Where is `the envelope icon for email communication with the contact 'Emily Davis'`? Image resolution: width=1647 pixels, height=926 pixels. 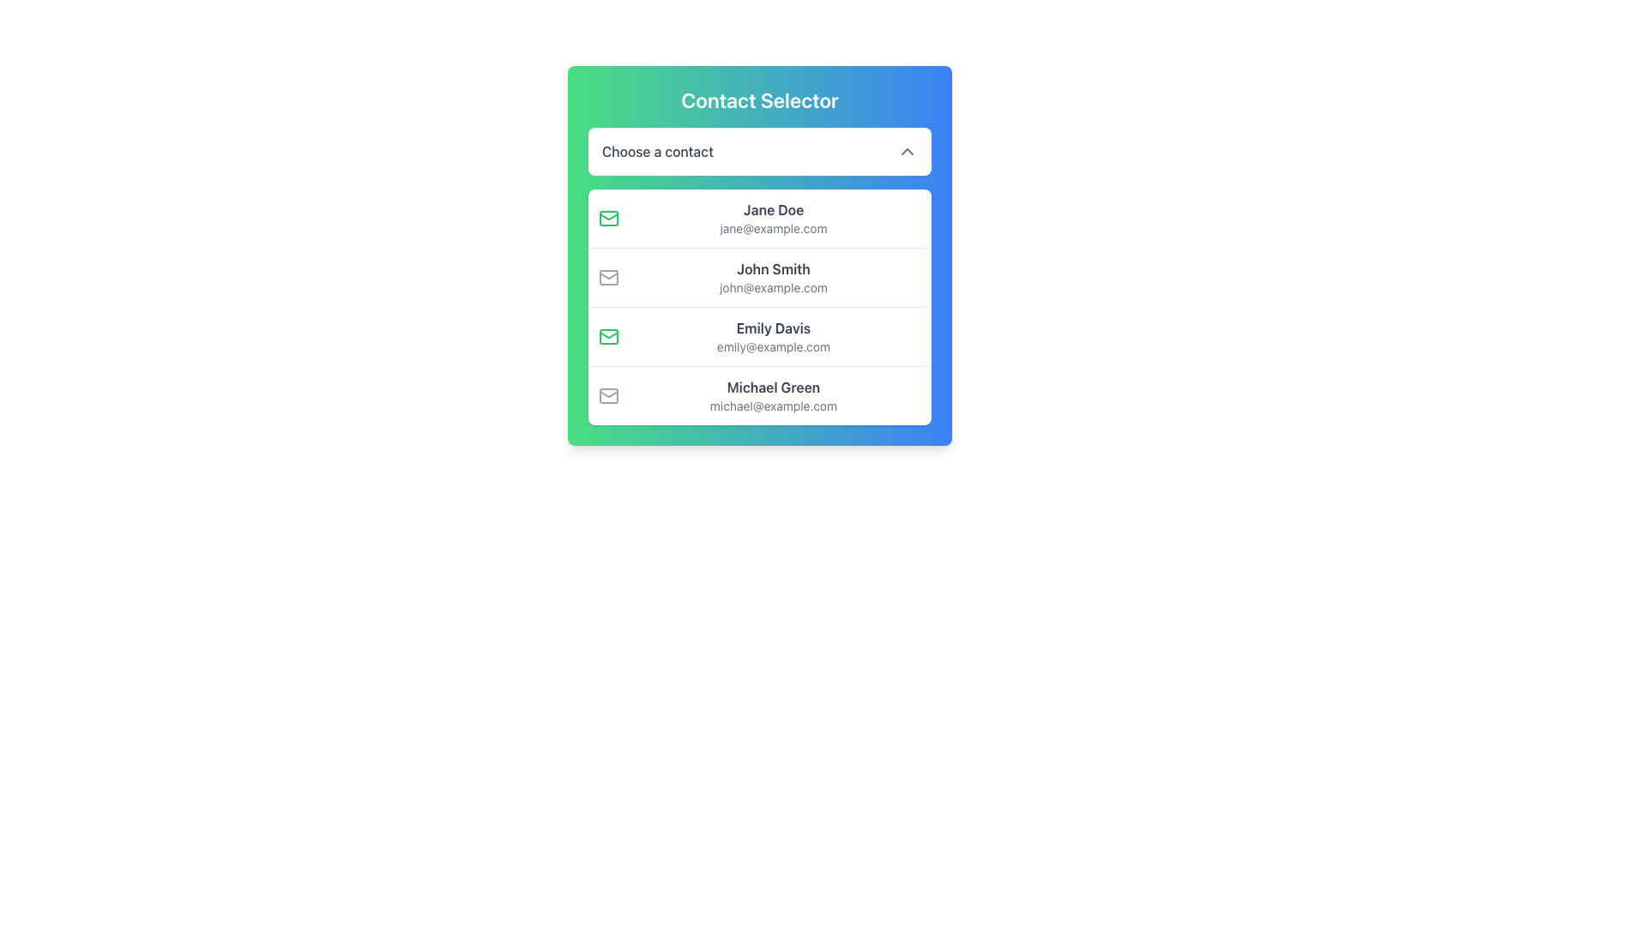 the envelope icon for email communication with the contact 'Emily Davis' is located at coordinates (609, 337).